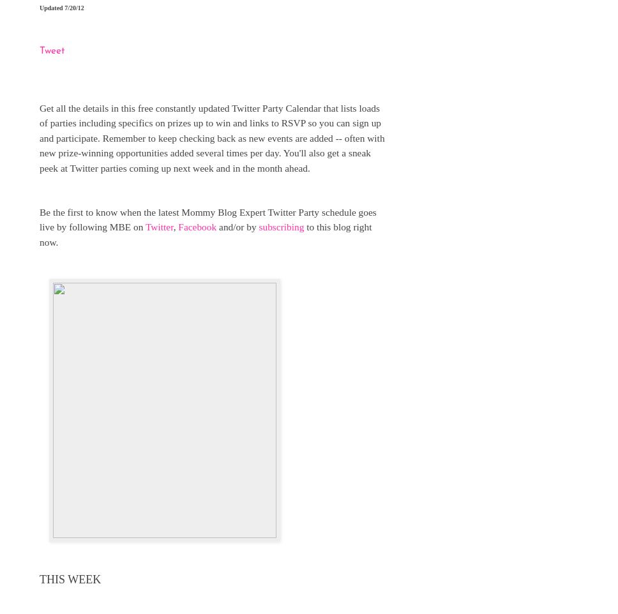 This screenshot has height=614, width=618. I want to click on 'THIS WEEK', so click(38, 579).